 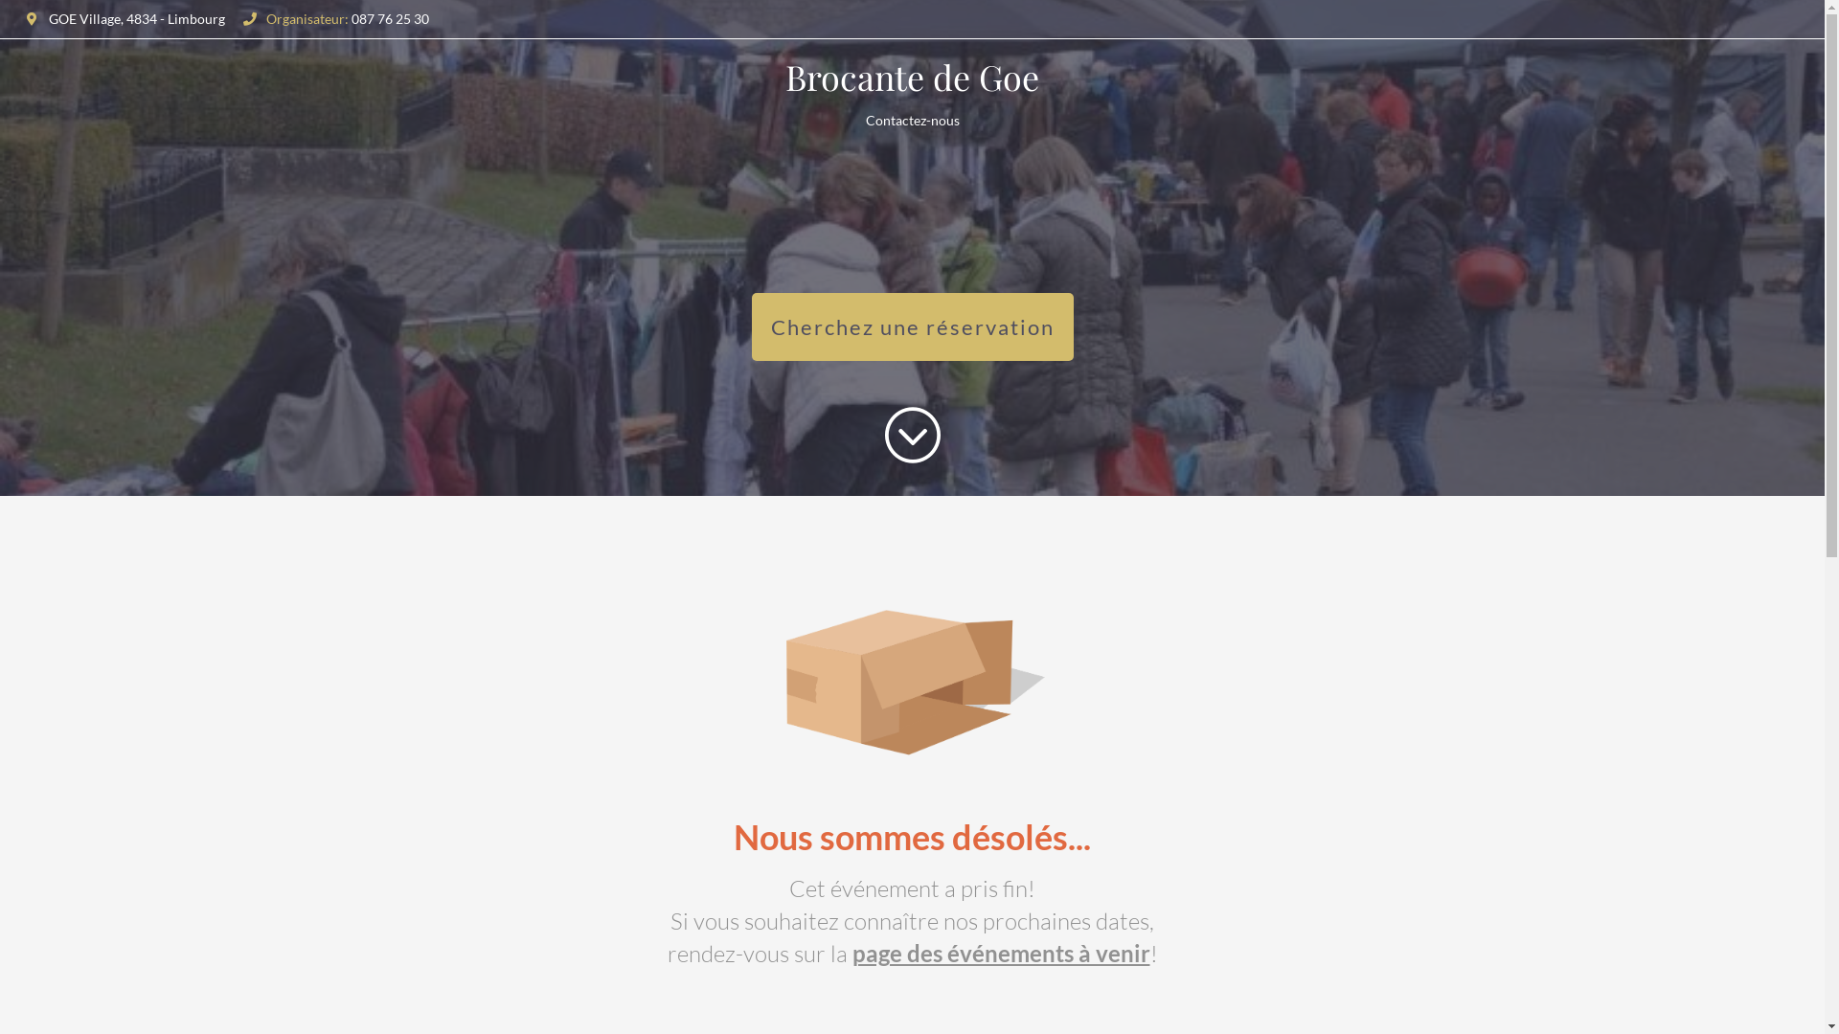 What do you see at coordinates (329, 18) in the screenshot?
I see `'Organisateur: 087 76 25 30'` at bounding box center [329, 18].